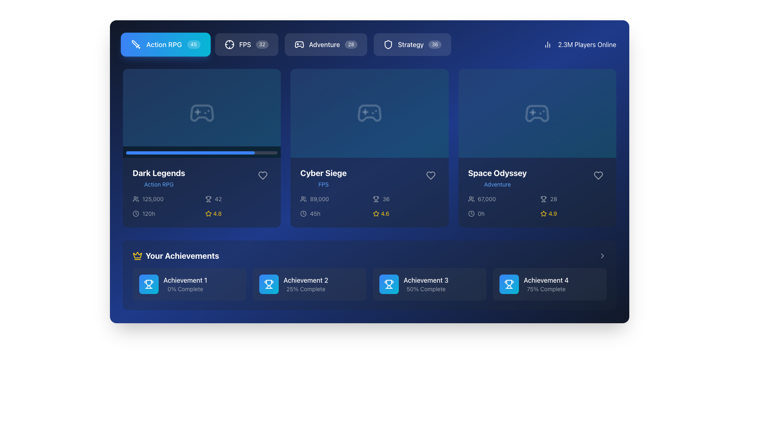 The height and width of the screenshot is (438, 779). Describe the element at coordinates (412, 45) in the screenshot. I see `the 'Strategy' button in the top navigation bar to change its background shade` at that location.